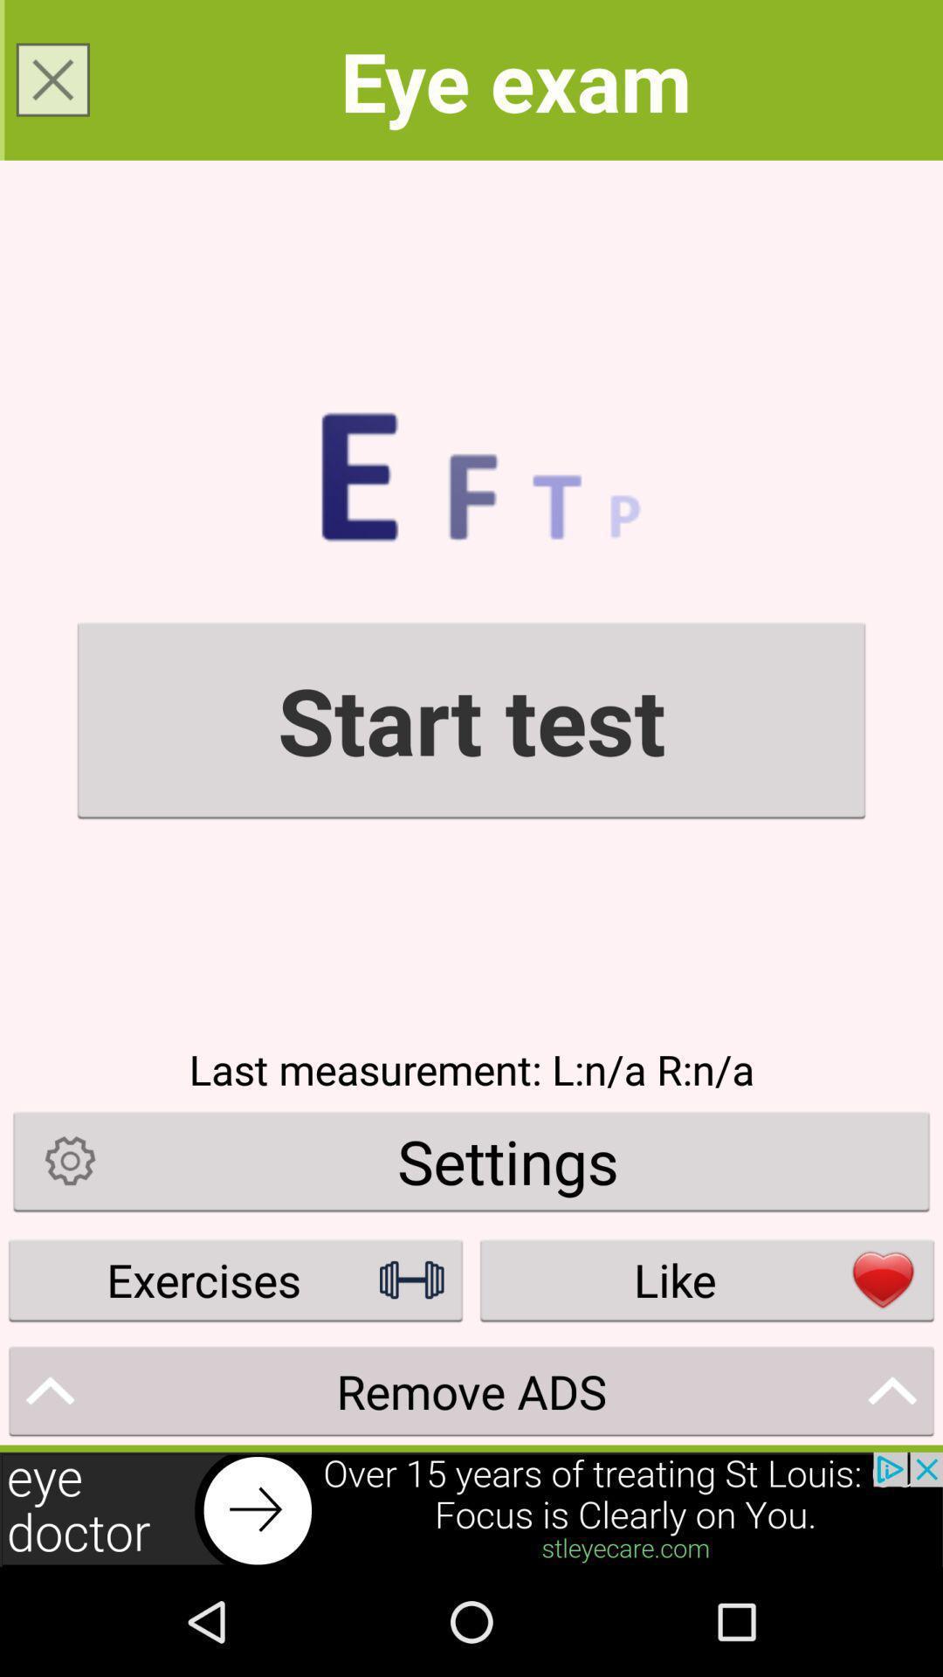 This screenshot has width=943, height=1677. I want to click on open advertisement, so click(471, 1508).